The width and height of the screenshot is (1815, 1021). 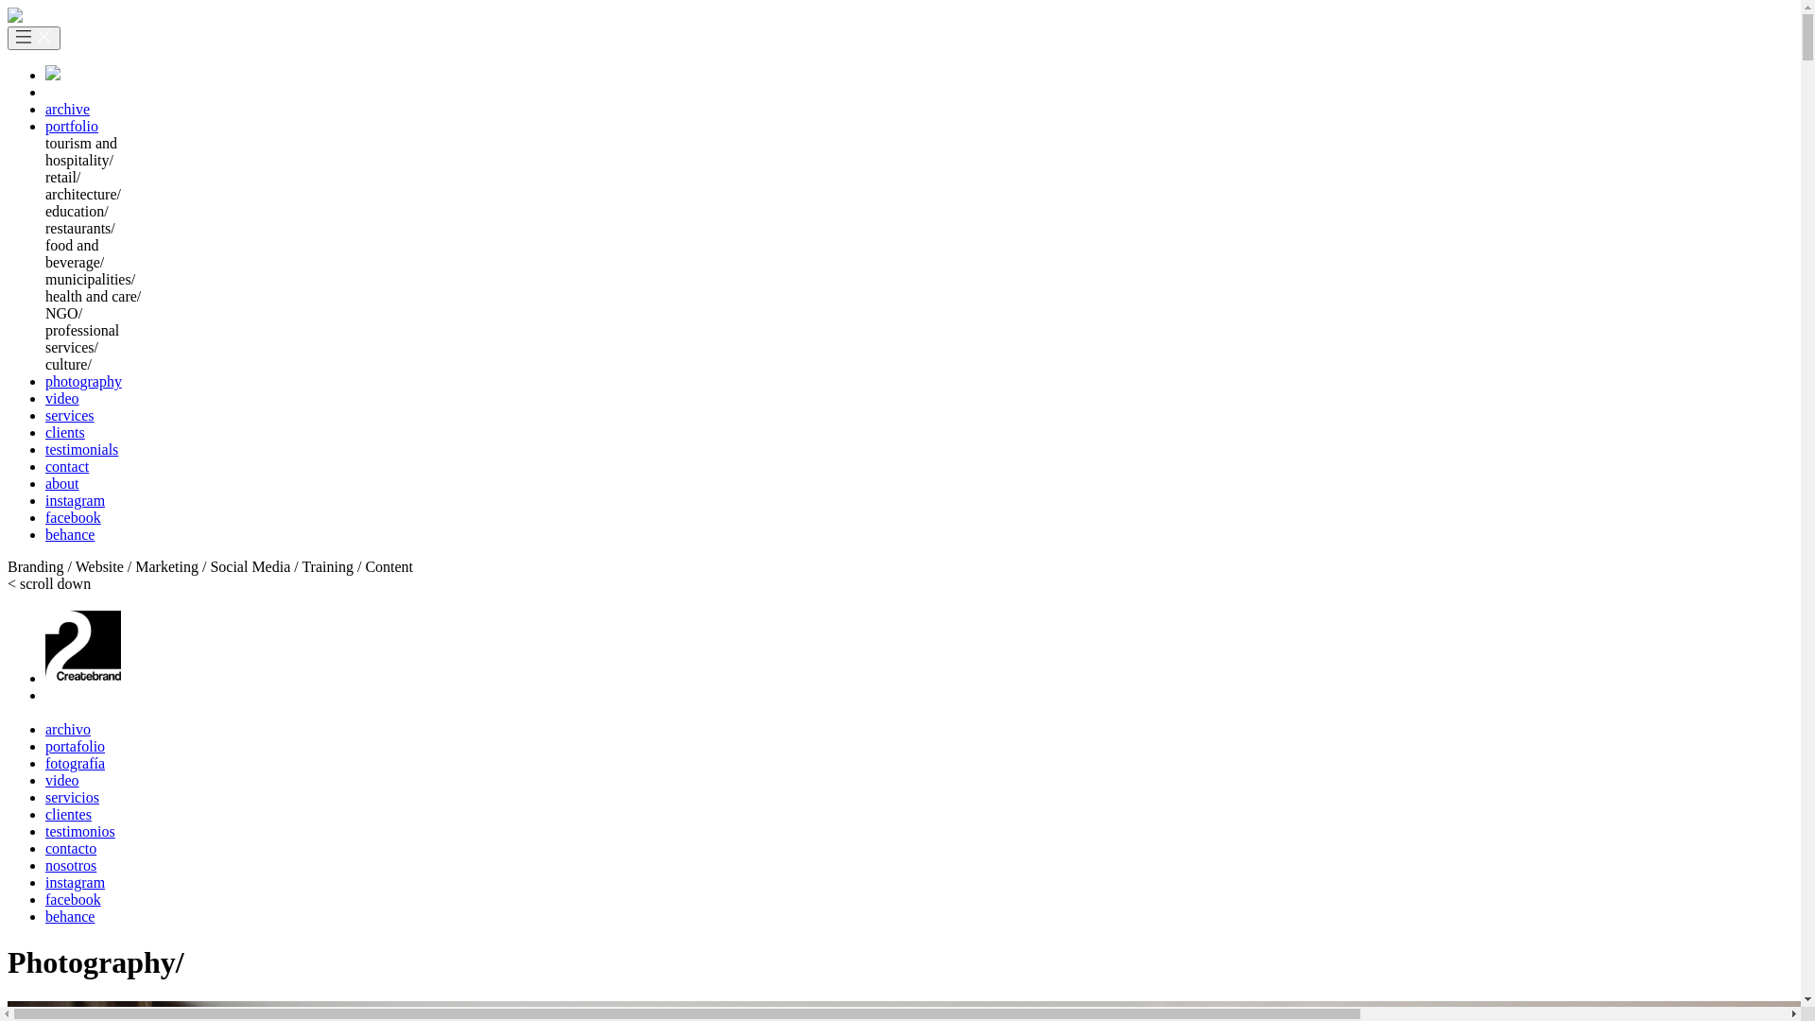 What do you see at coordinates (71, 865) in the screenshot?
I see `'nosotros'` at bounding box center [71, 865].